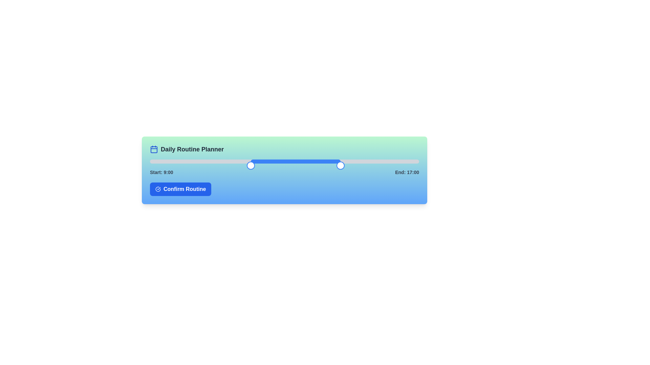 This screenshot has height=365, width=650. Describe the element at coordinates (157, 189) in the screenshot. I see `the circular icon with a checkmark inside, located to the left of the 'Confirm Routine' text in the lower-left corner of the interface` at that location.